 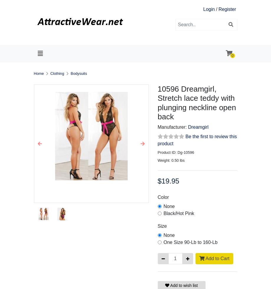 What do you see at coordinates (178, 213) in the screenshot?
I see `'Black/Hot Pink'` at bounding box center [178, 213].